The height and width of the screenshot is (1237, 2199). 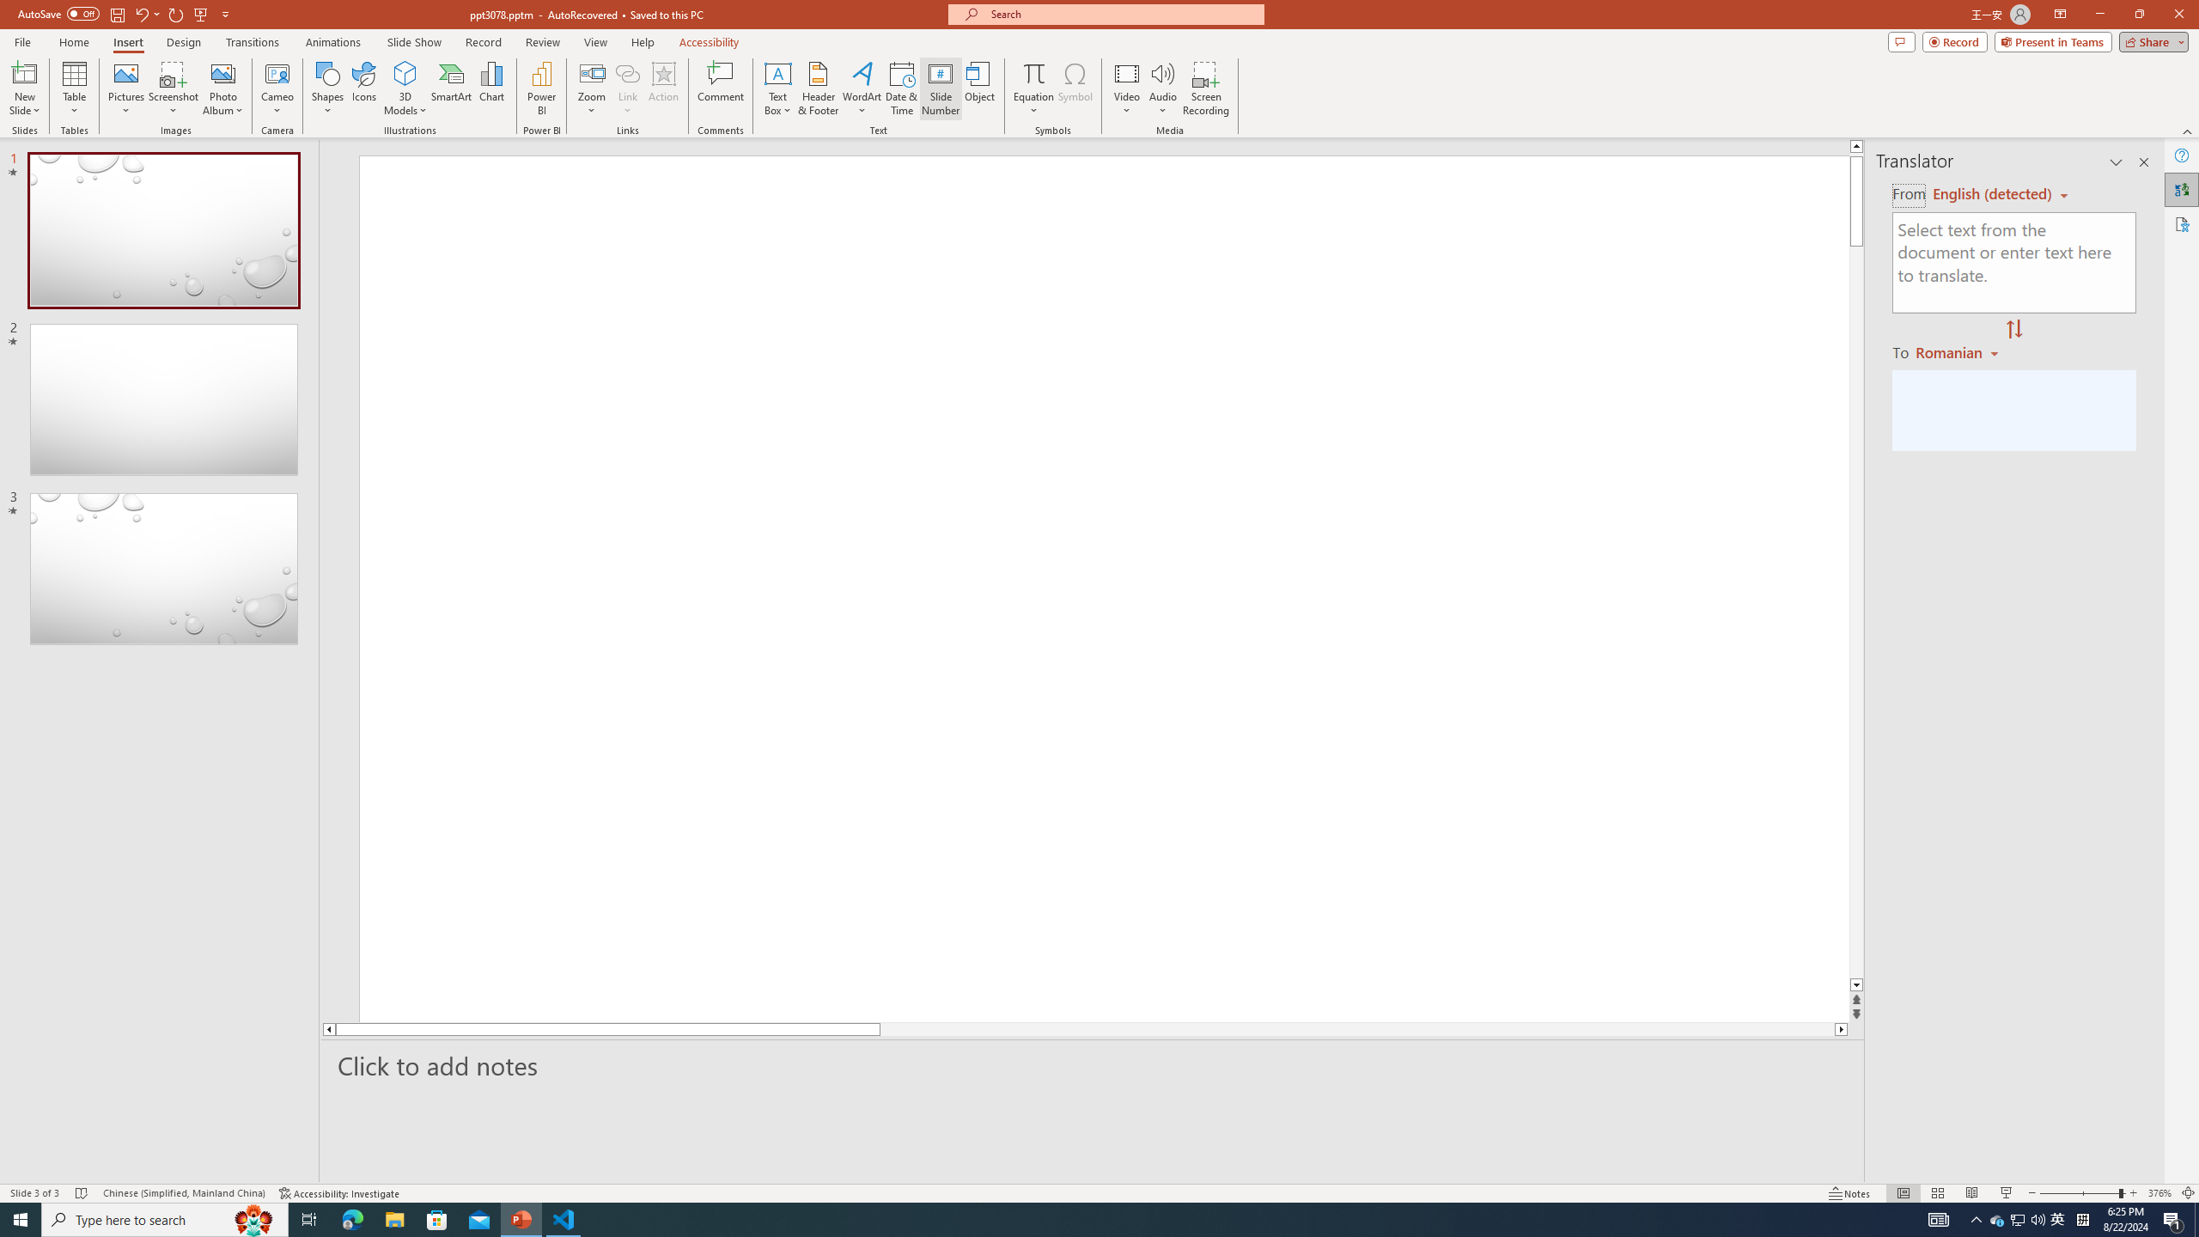 What do you see at coordinates (719, 88) in the screenshot?
I see `'Comment'` at bounding box center [719, 88].